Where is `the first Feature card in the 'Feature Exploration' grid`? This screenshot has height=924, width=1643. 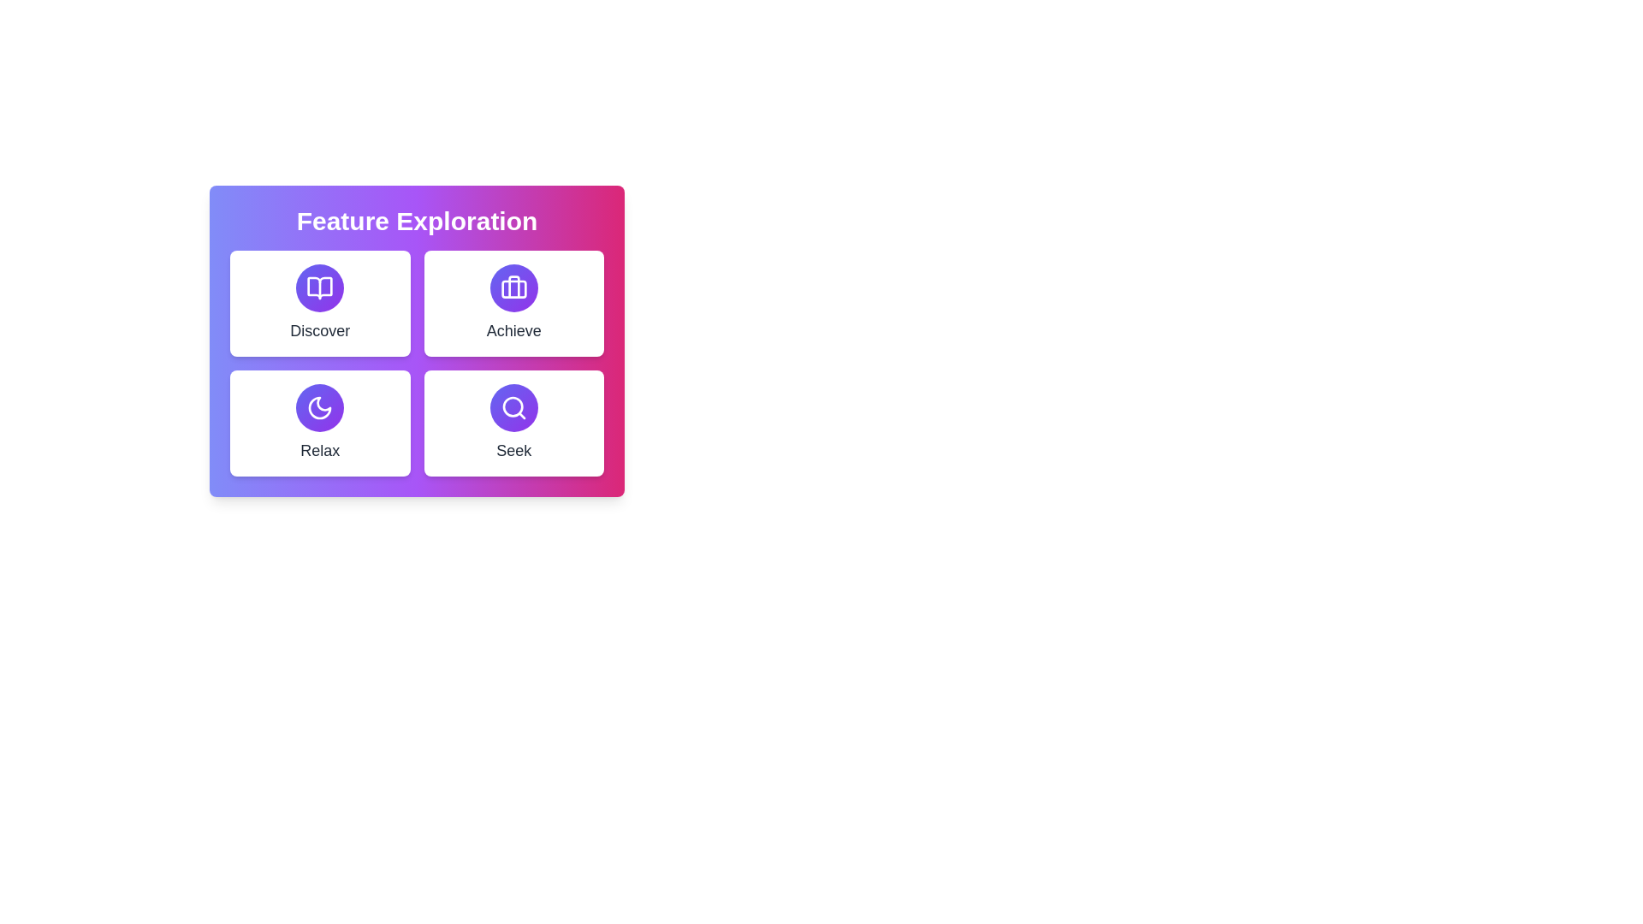
the first Feature card in the 'Feature Exploration' grid is located at coordinates (320, 302).